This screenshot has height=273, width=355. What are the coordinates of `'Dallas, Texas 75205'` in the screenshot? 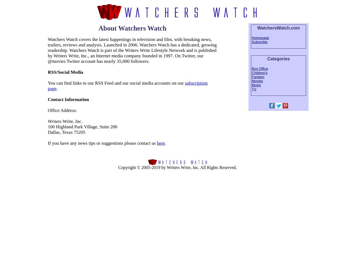 It's located at (66, 132).